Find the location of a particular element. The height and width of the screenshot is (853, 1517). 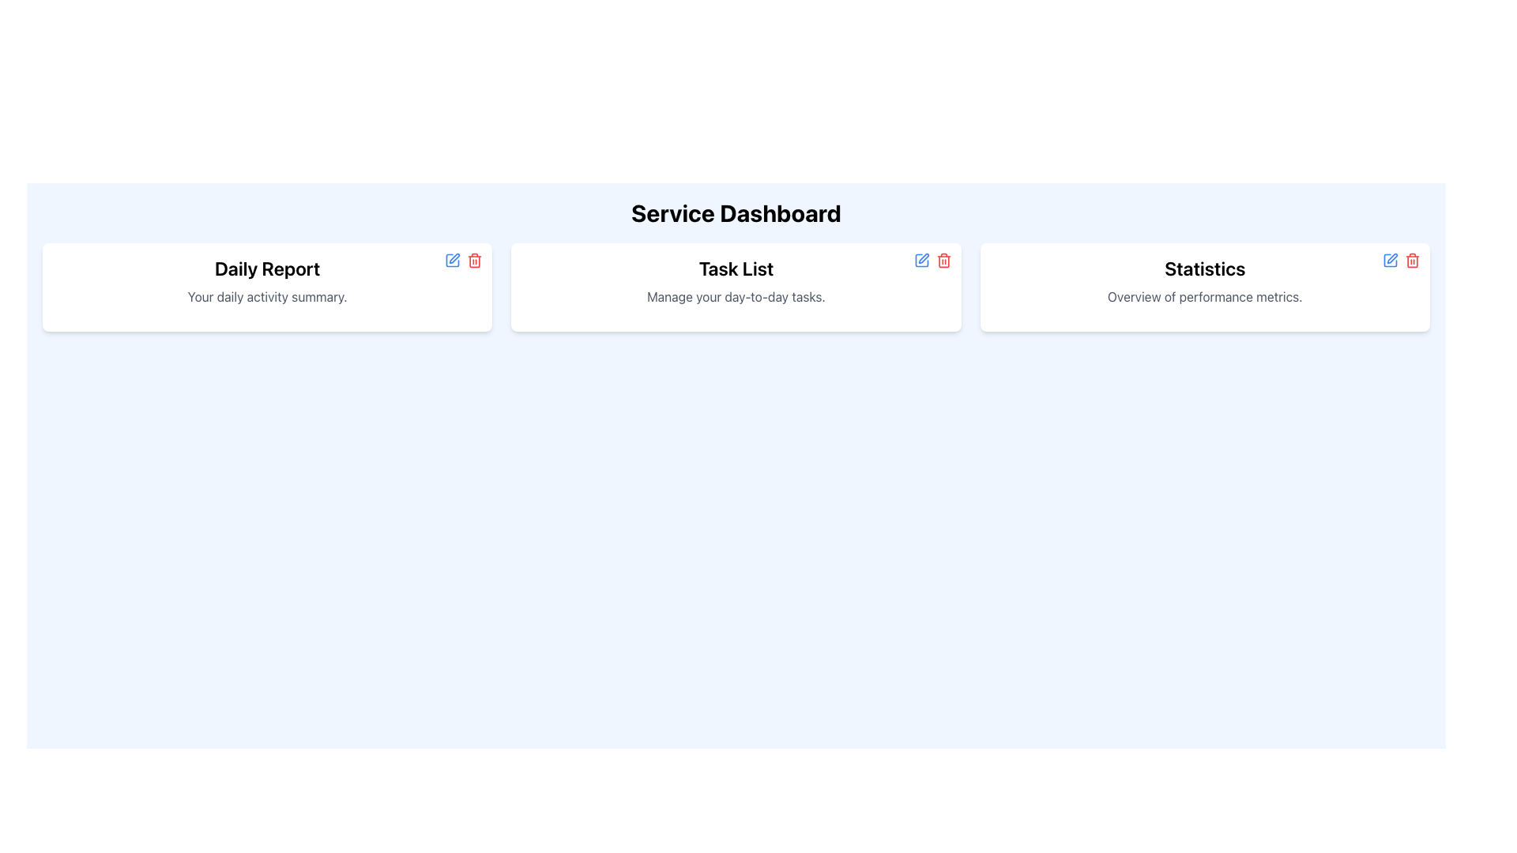

the title text element that introduces the card's content, which is located at the center of the middle card in a row of three cards is located at coordinates (735, 267).